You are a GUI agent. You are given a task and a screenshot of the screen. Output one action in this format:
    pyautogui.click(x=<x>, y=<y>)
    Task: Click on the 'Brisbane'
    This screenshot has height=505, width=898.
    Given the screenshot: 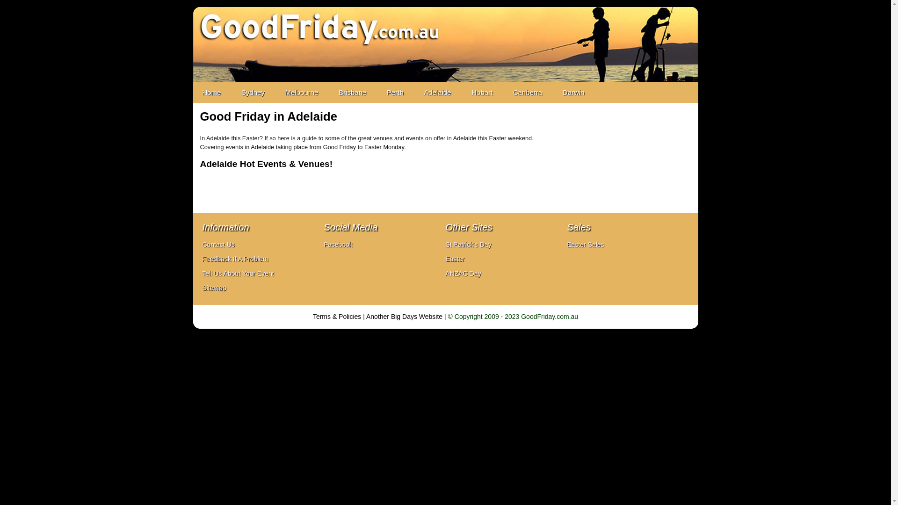 What is the action you would take?
    pyautogui.click(x=352, y=92)
    